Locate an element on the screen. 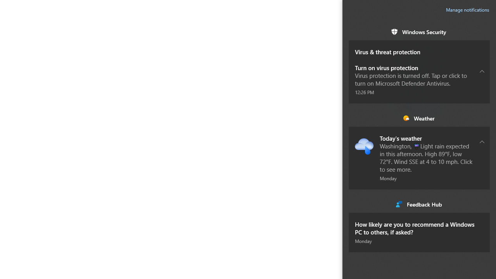  'Manage notifications' is located at coordinates (467, 10).